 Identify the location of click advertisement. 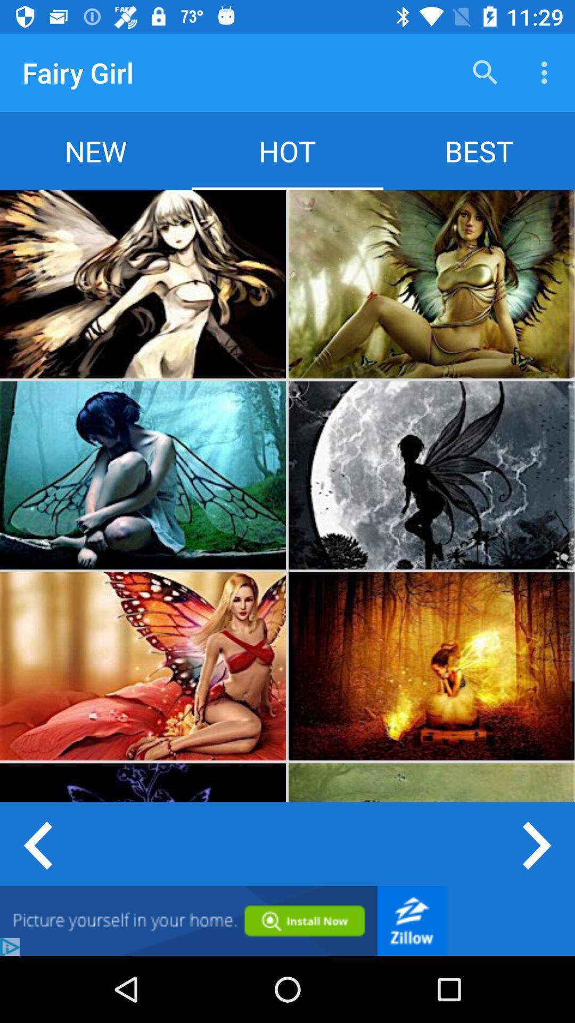
(223, 920).